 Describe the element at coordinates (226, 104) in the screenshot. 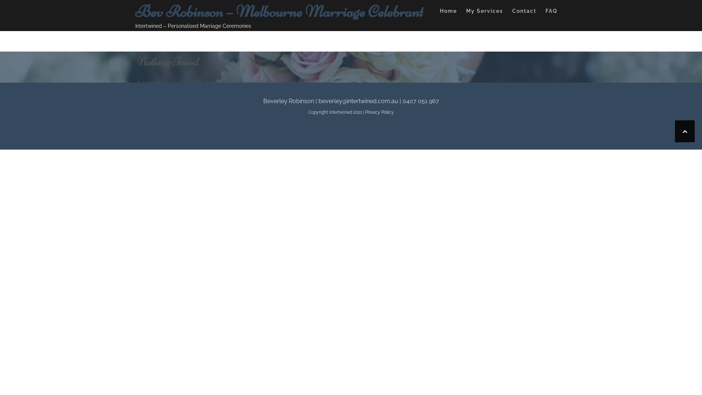

I see `'Search'` at that location.